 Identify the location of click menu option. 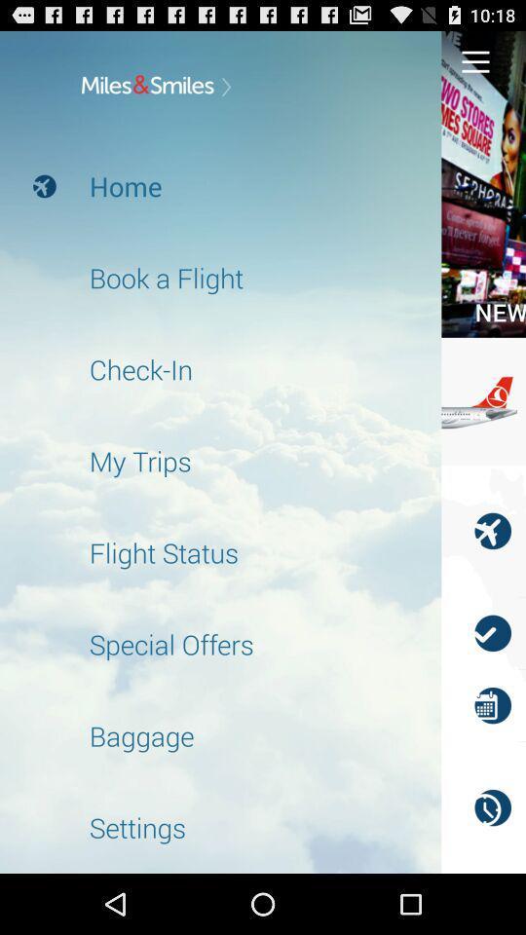
(474, 60).